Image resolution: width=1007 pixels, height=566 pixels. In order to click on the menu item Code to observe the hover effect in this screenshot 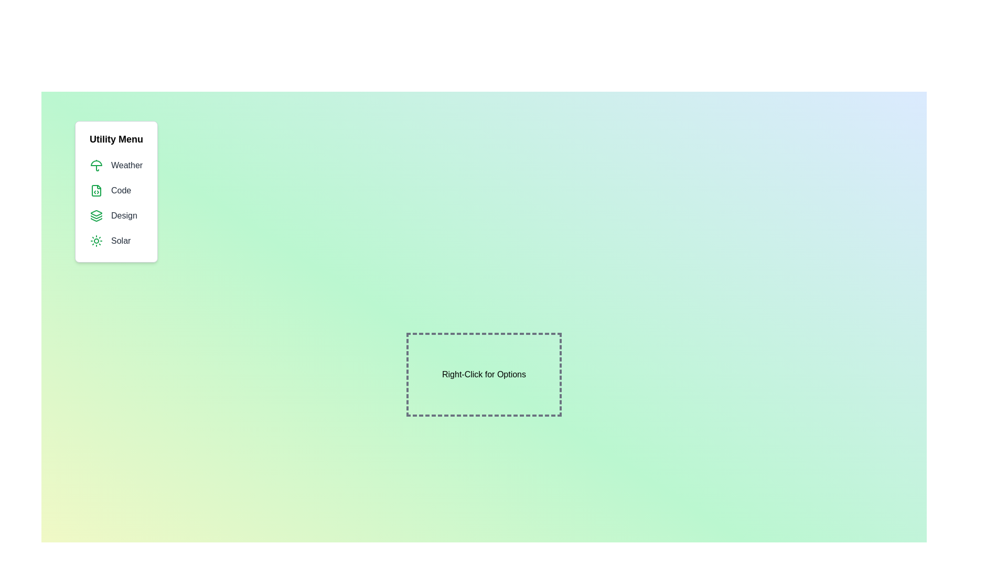, I will do `click(116, 190)`.